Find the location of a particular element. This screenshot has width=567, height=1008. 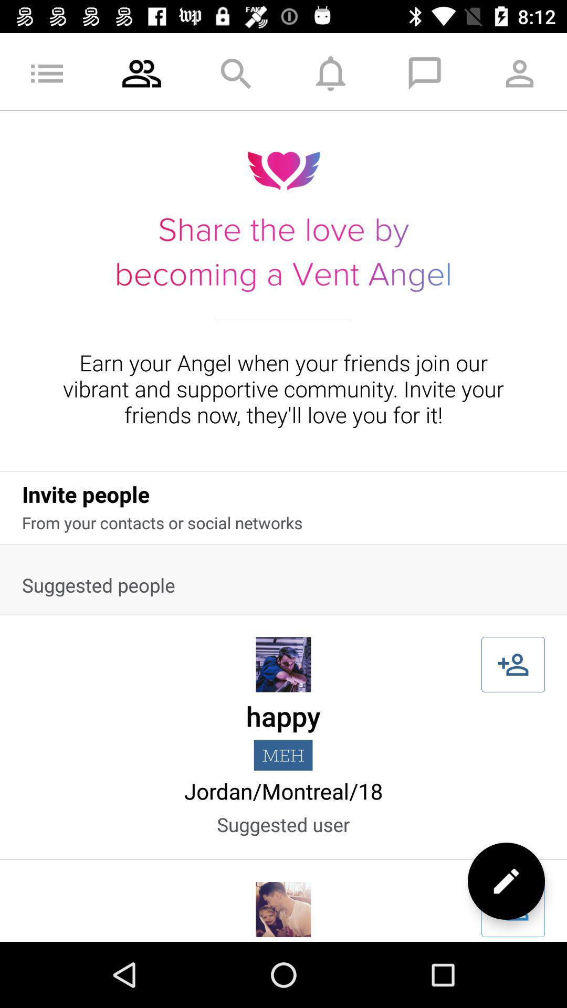

start entry is located at coordinates (512, 909).